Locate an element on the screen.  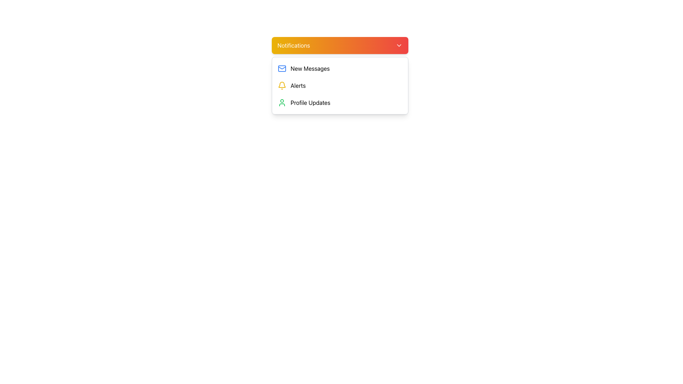
the blue mail icon indicating new messages, located in the dropdown menu under 'Notifications', to the left of the text 'New Messages' is located at coordinates (281, 68).